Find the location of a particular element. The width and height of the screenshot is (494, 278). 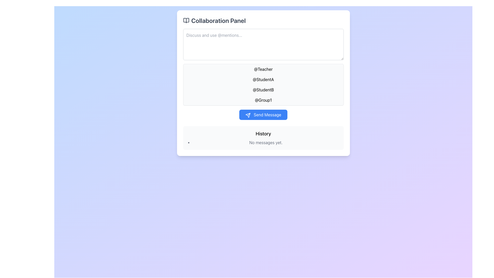

placeholder text indicating the absence of messages located below the main collaboration panel in the history section of the interface is located at coordinates (263, 143).